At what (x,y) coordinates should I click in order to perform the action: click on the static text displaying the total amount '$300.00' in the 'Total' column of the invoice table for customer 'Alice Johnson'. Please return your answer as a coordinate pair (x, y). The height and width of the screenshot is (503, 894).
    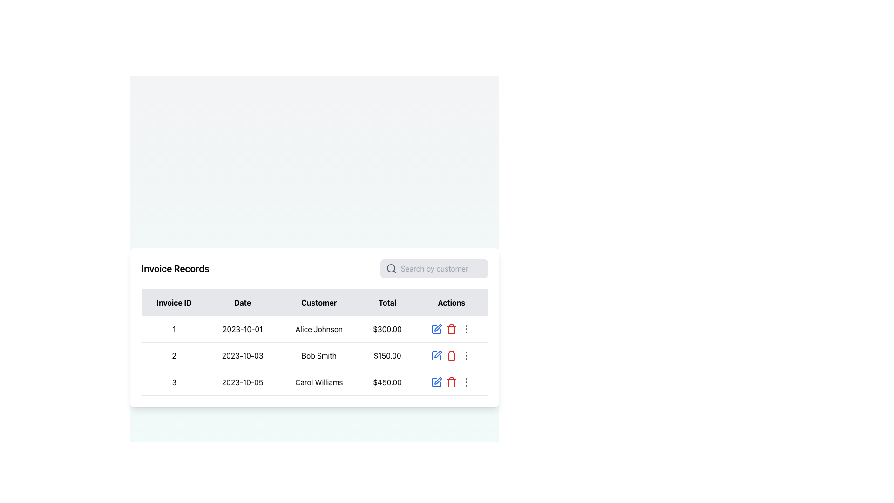
    Looking at the image, I should click on (387, 328).